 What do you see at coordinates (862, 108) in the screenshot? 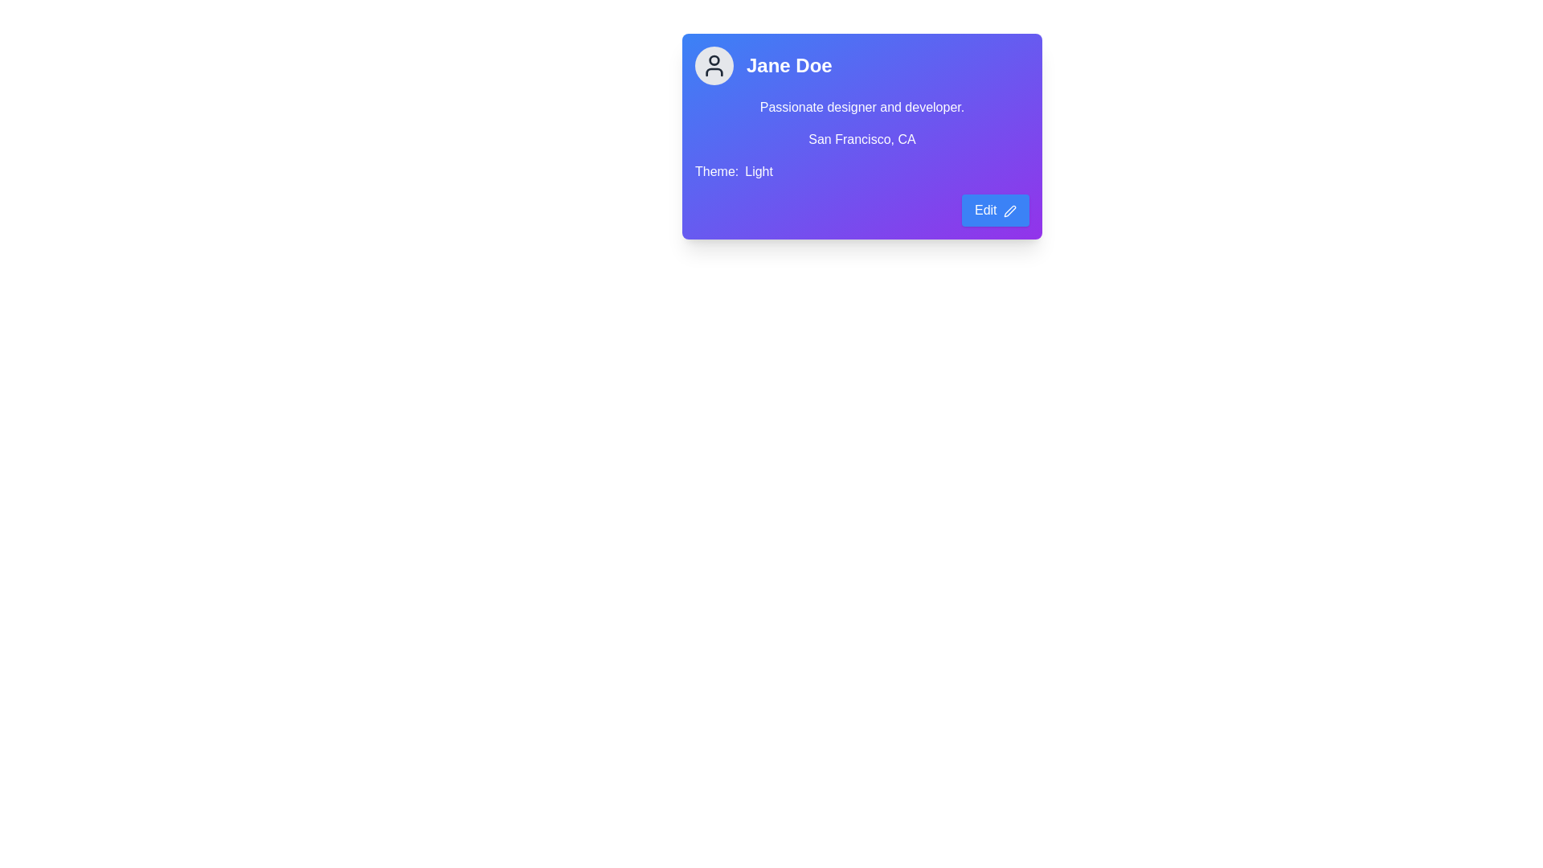
I see `descriptive tagline or bio text for the user 'Jane Doe', which is the first line of text in the card layout, positioned below the name heading and above the location and theme details` at bounding box center [862, 108].